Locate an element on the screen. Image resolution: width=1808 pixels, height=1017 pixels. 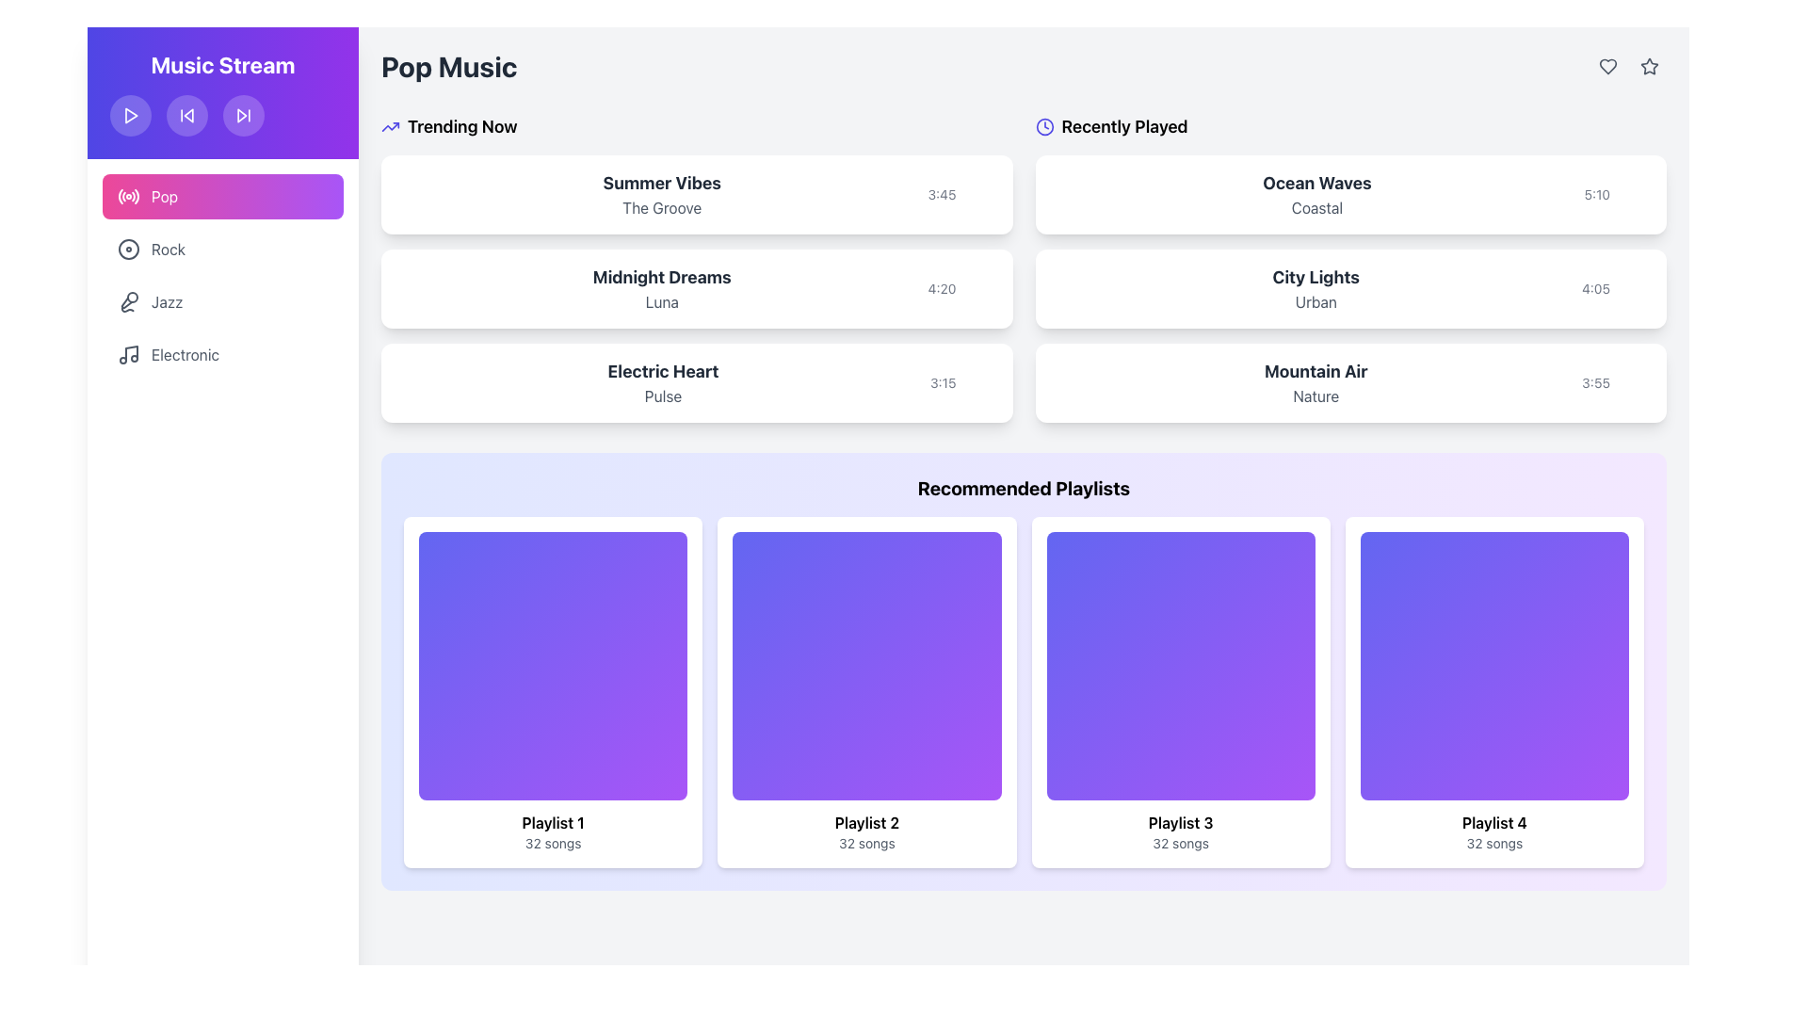
the bold, large-sized heading displaying 'Pop Music' in dark gray, positioned in the top-left quadrant of the main content area, to the right of the purple sidebar is located at coordinates (448, 65).